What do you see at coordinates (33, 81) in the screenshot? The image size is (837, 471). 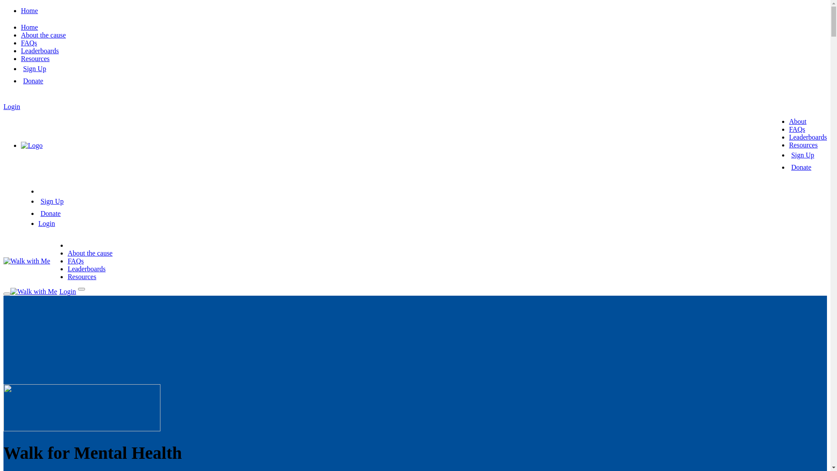 I see `'Donate'` at bounding box center [33, 81].